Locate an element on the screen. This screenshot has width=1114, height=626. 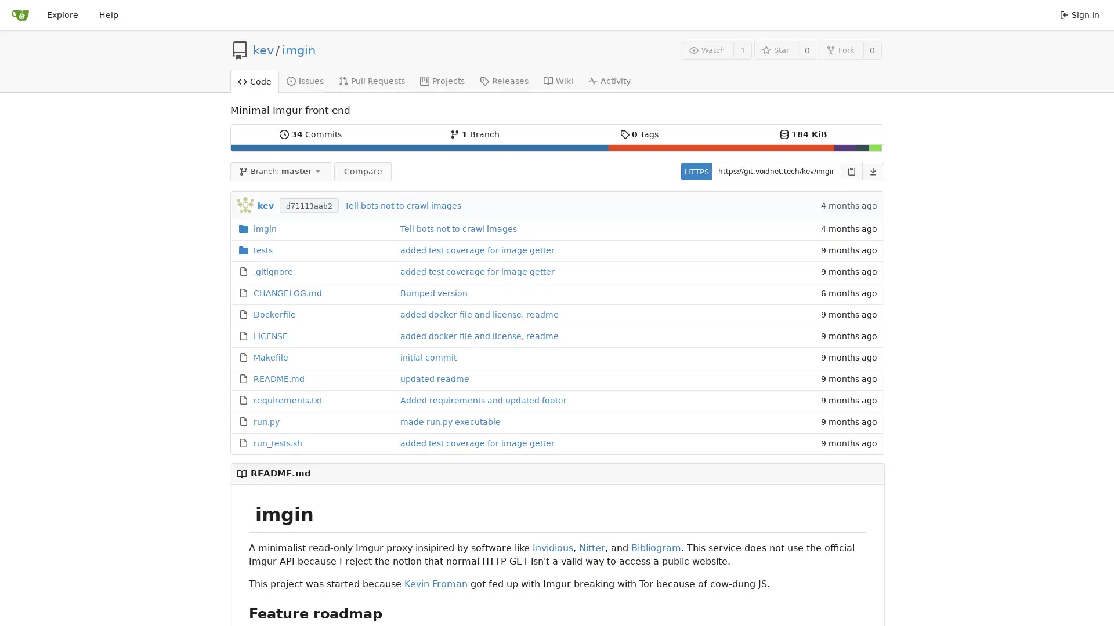
Compare is located at coordinates (361, 172).